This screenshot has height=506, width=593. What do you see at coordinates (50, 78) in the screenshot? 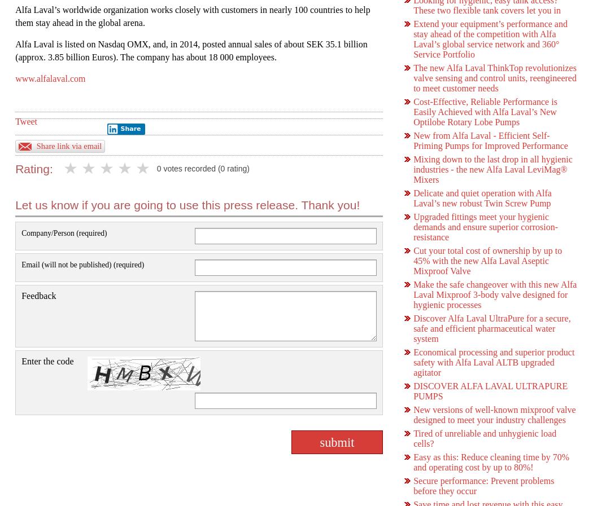
I see `'www.alfalaval.com'` at bounding box center [50, 78].